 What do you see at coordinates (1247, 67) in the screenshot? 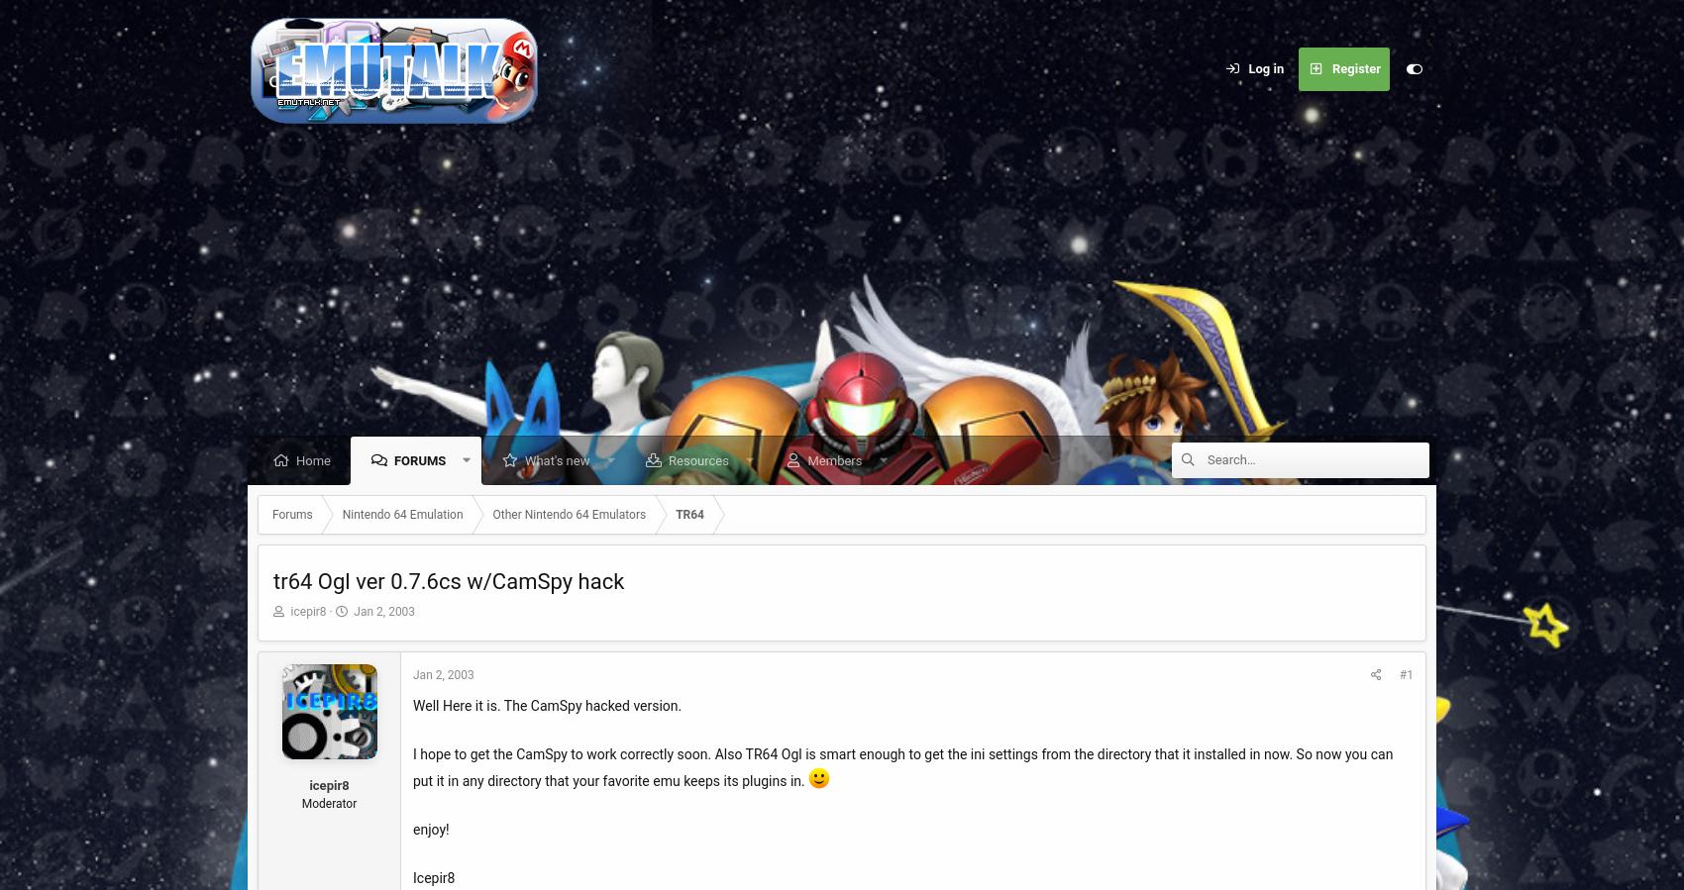
I see `'Log in'` at bounding box center [1247, 67].